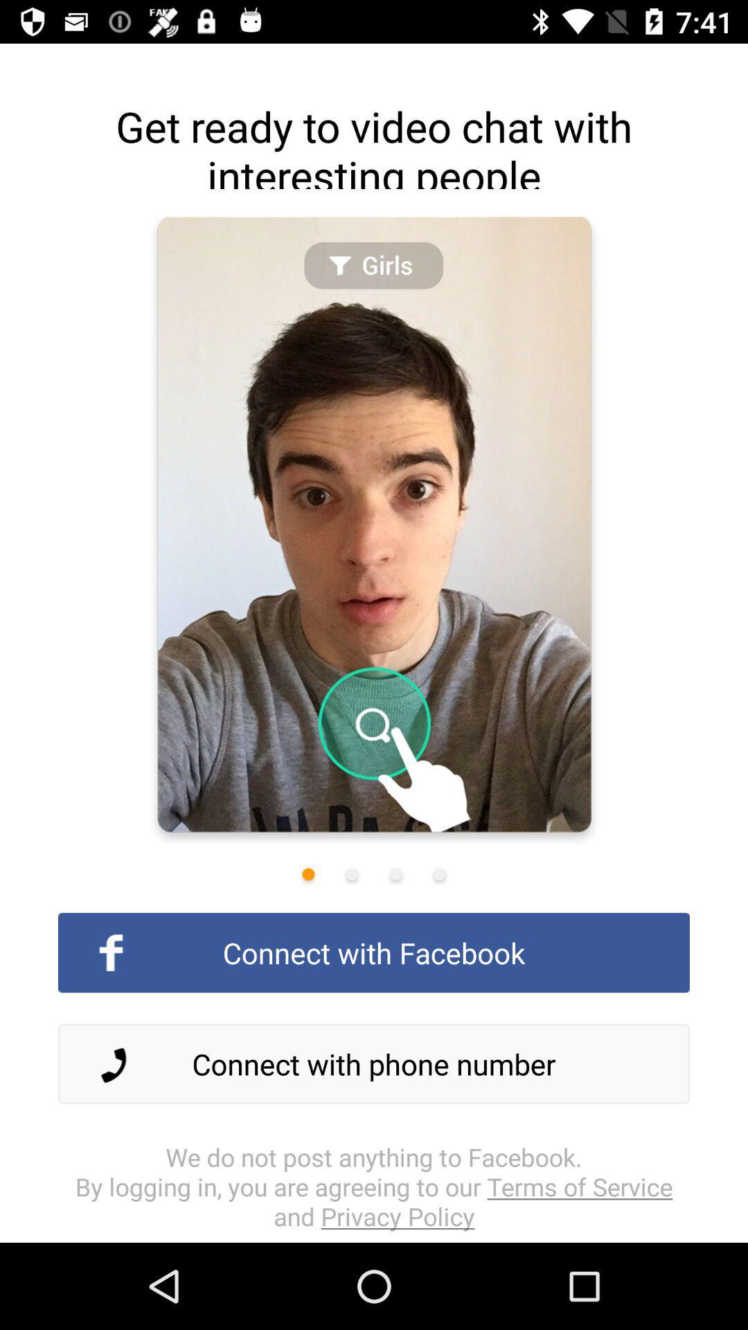 The height and width of the screenshot is (1330, 748). Describe the element at coordinates (308, 874) in the screenshot. I see `first image` at that location.